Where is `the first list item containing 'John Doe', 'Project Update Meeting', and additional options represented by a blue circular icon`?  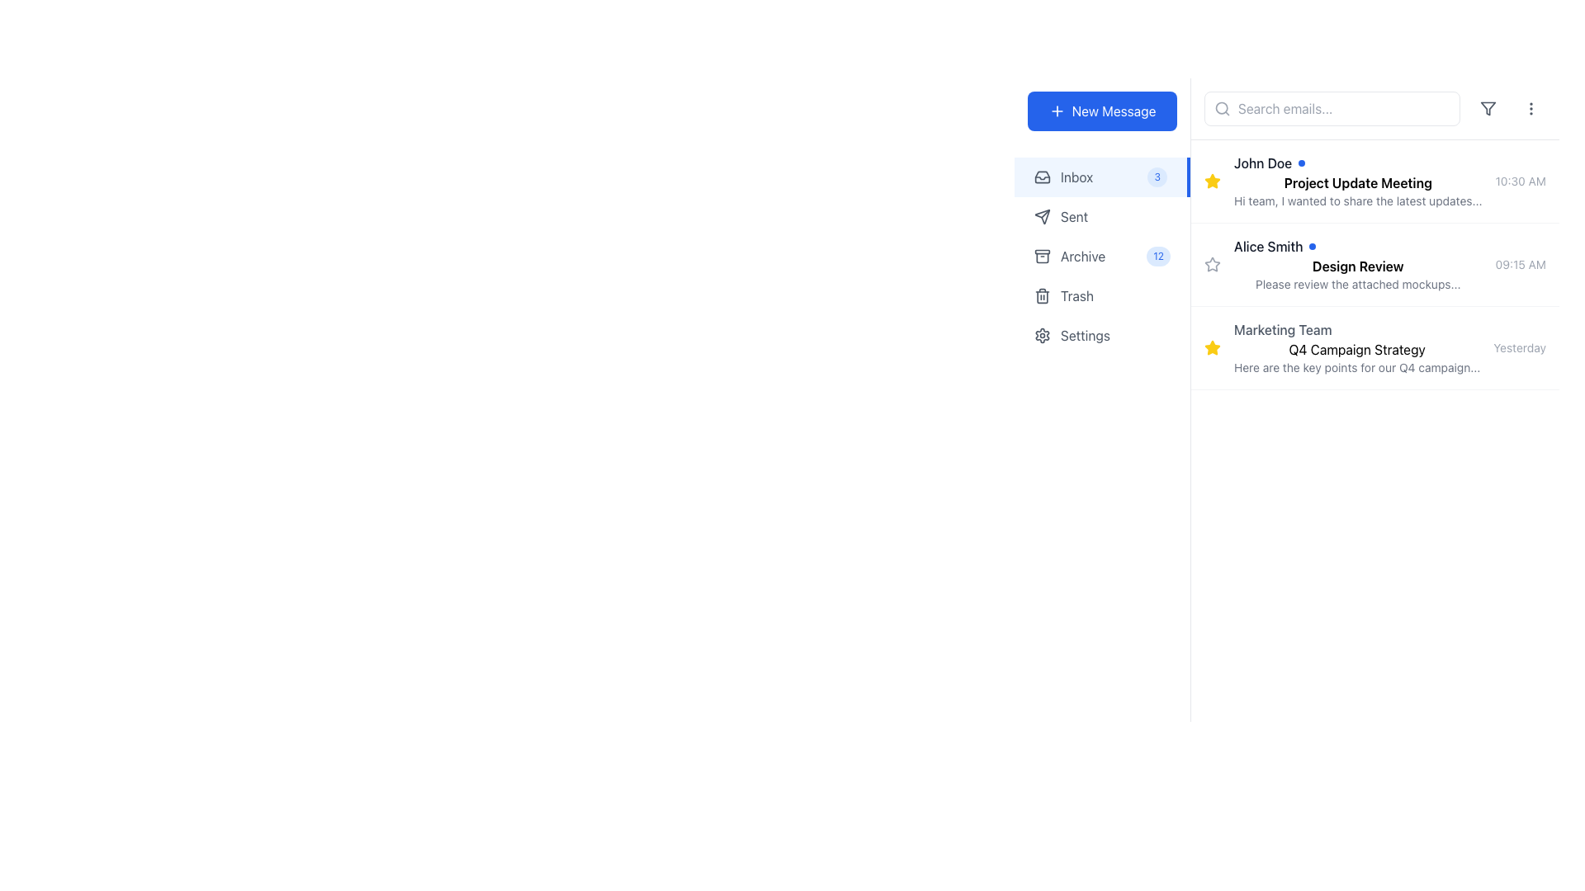
the first list item containing 'John Doe', 'Project Update Meeting', and additional options represented by a blue circular icon is located at coordinates (1358, 181).